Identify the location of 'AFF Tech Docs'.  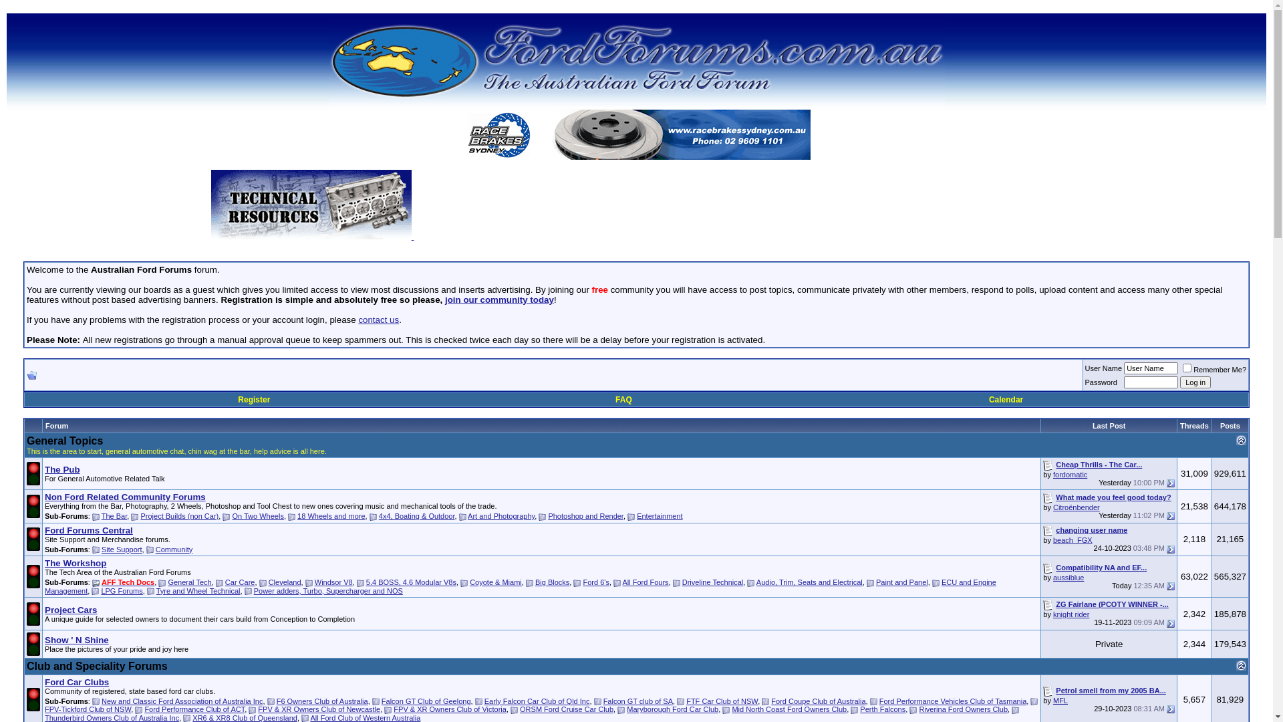
(128, 582).